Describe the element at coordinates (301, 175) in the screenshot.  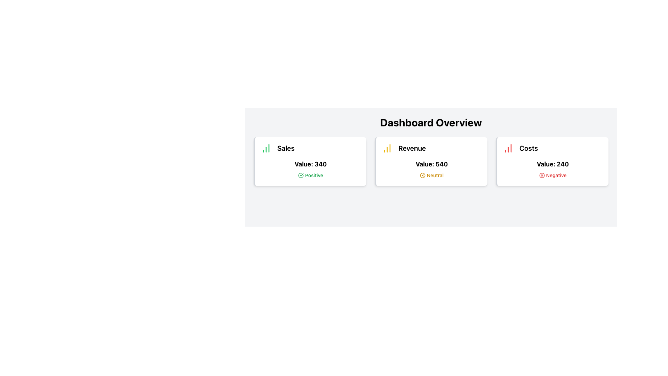
I see `the green circular icon with a checkmark inside, which indicates a positive status, located in the bottom-left corner of the 'Sales' card on the dashboard overview` at that location.